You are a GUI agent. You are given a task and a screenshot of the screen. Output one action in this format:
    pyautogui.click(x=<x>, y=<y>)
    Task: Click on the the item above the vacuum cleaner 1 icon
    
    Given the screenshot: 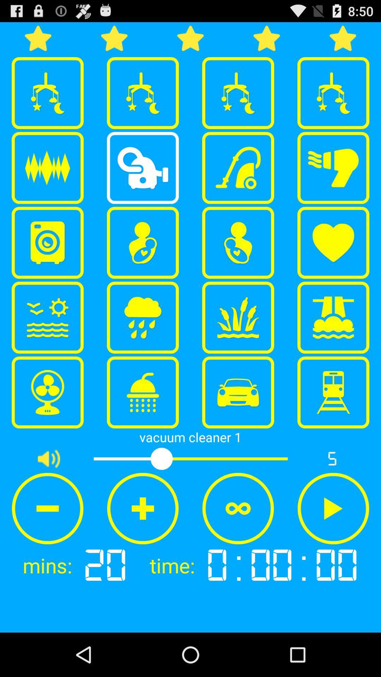 What is the action you would take?
    pyautogui.click(x=333, y=392)
    